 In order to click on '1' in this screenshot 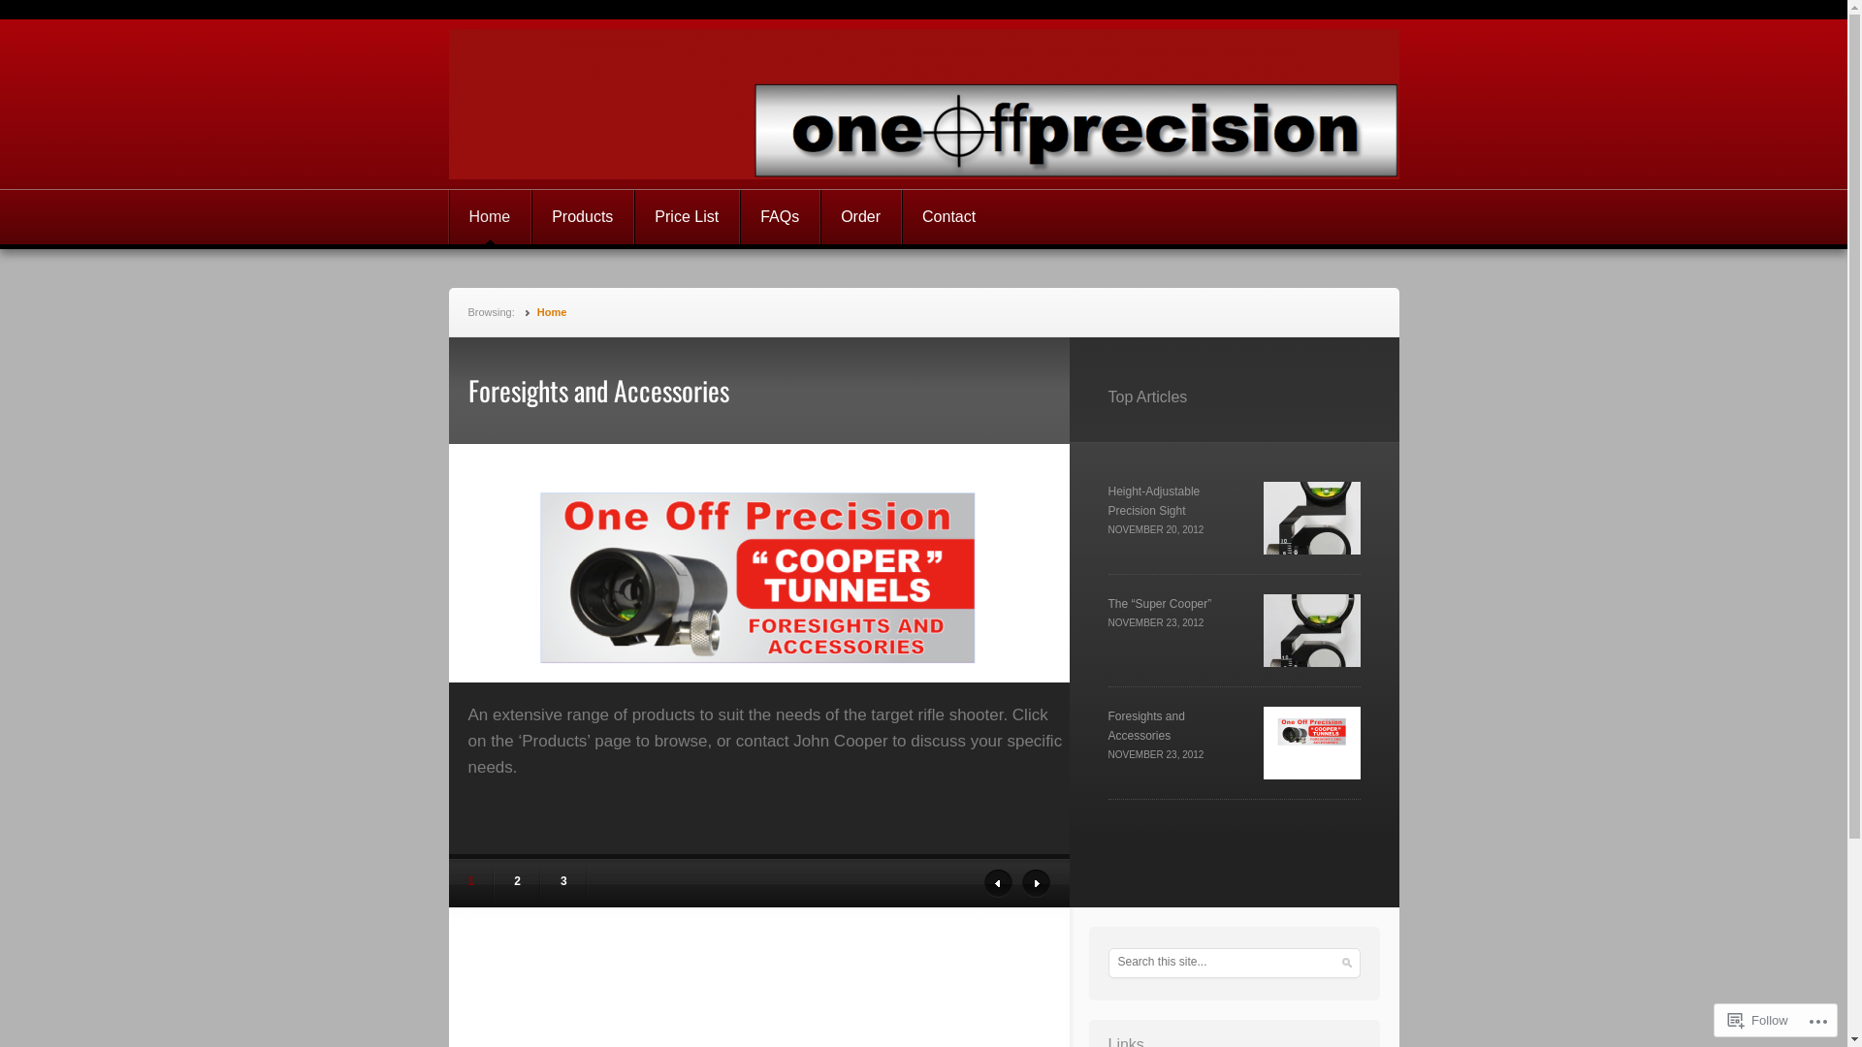, I will do `click(446, 881)`.